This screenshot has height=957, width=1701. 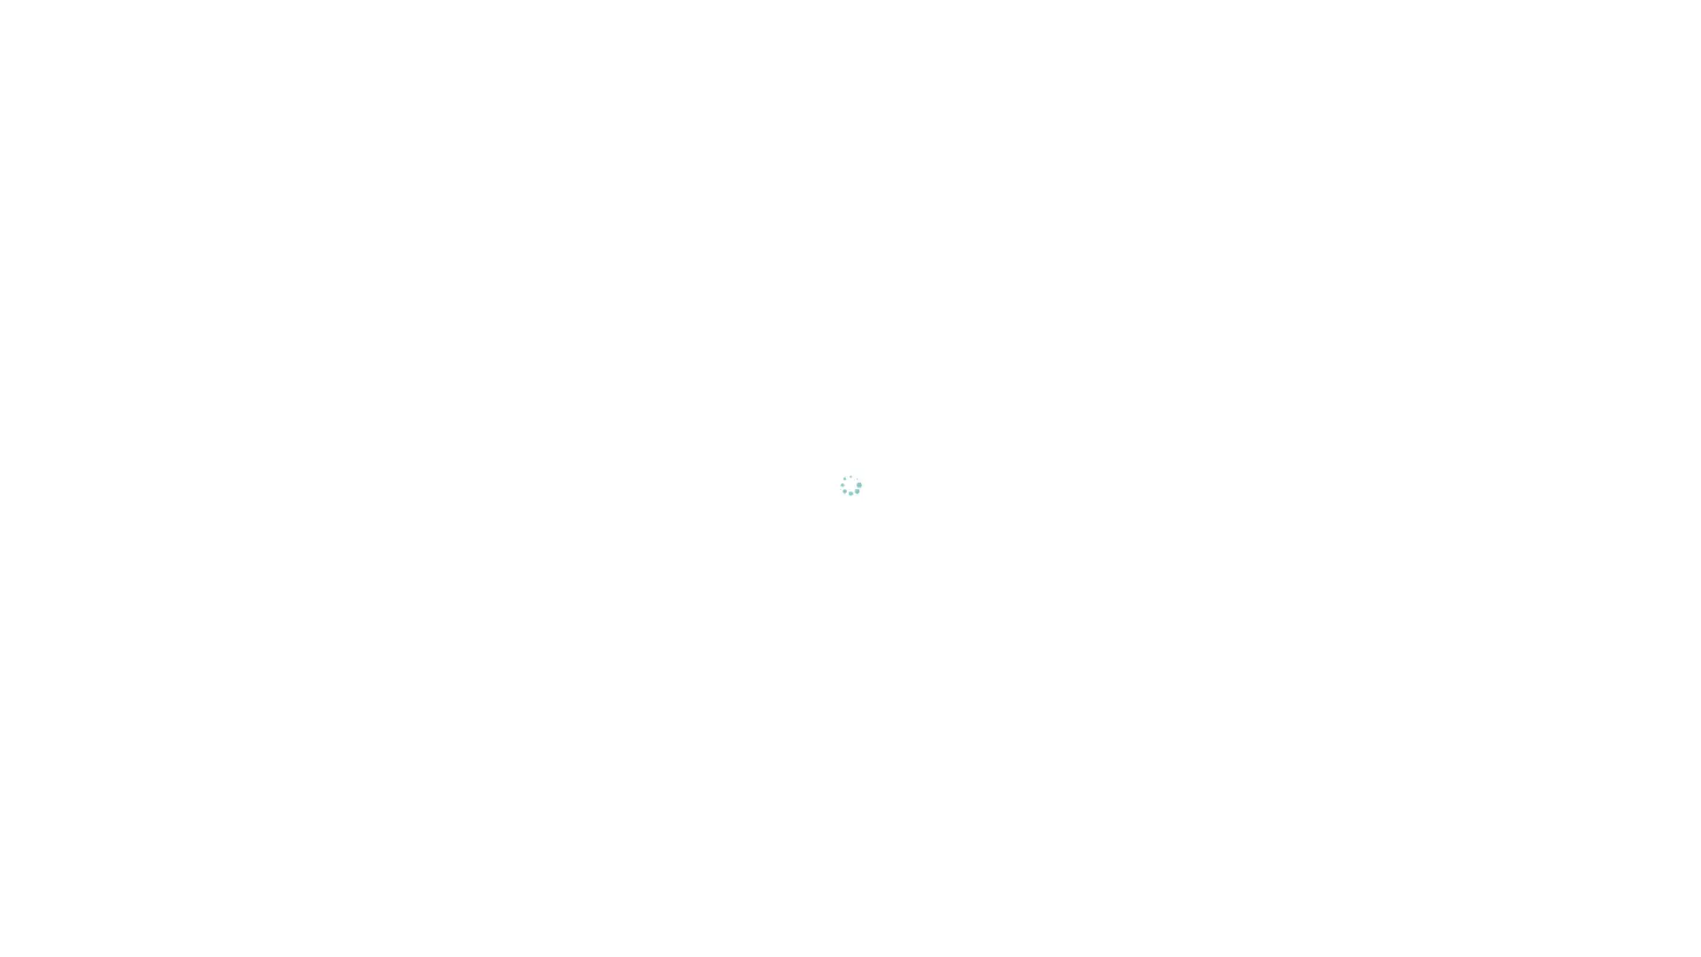 What do you see at coordinates (654, 200) in the screenshot?
I see `Cookies Settings` at bounding box center [654, 200].